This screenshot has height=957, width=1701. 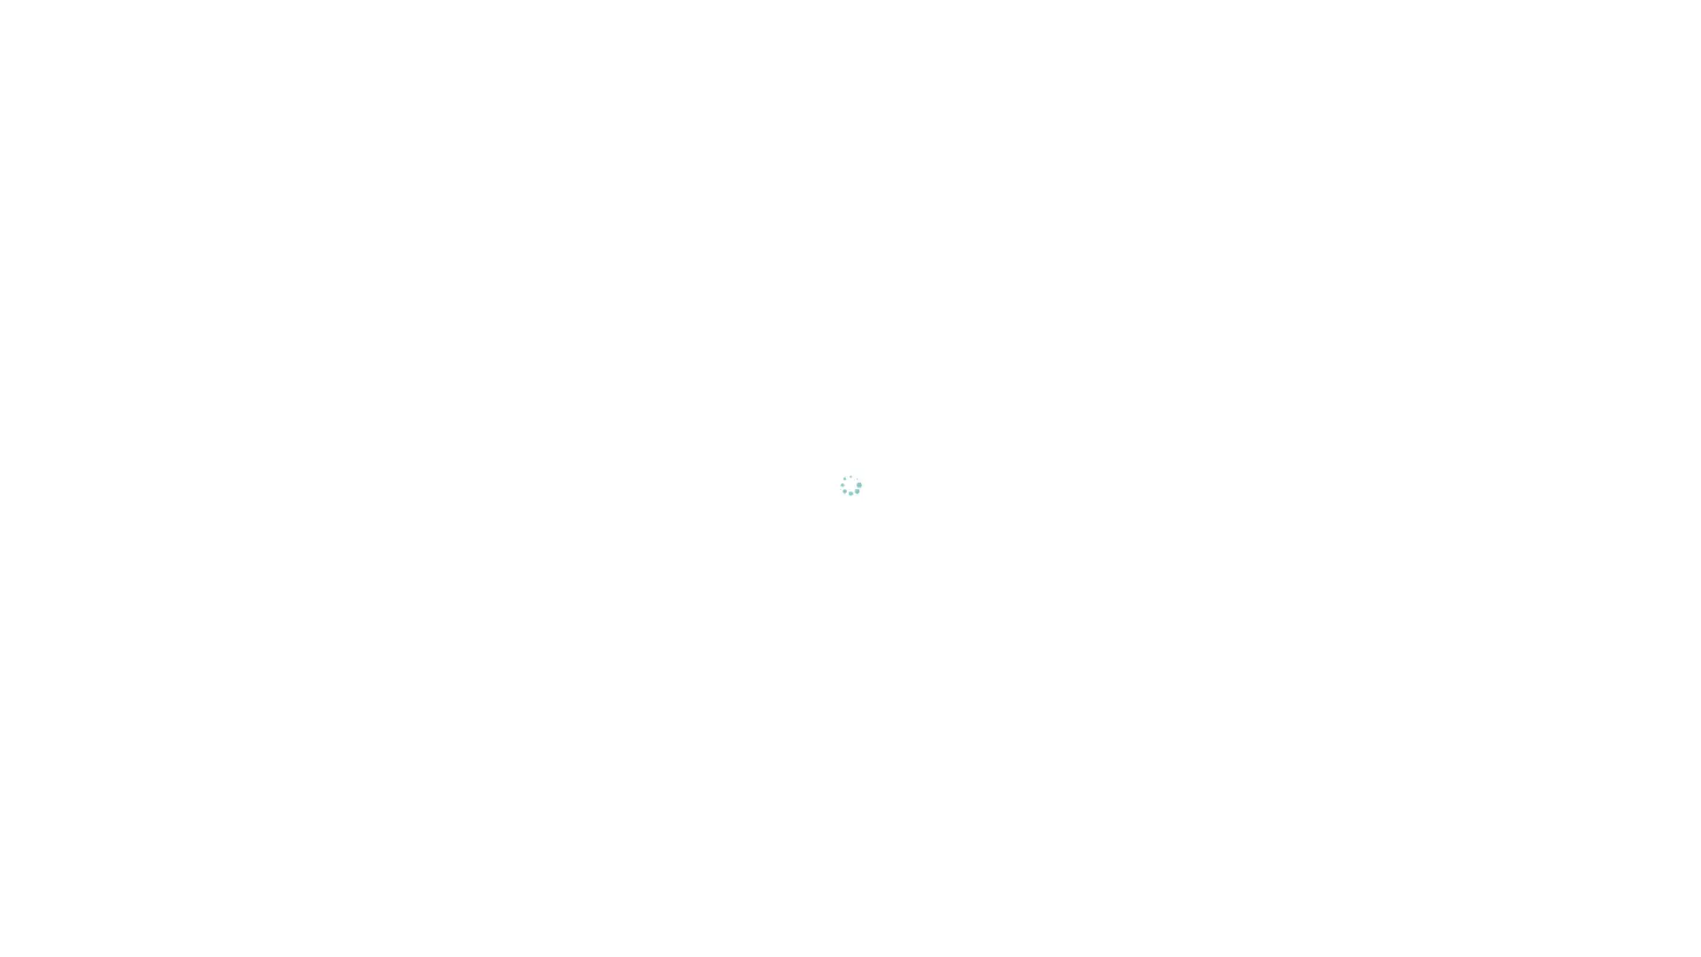 What do you see at coordinates (654, 200) in the screenshot?
I see `Cookies Settings` at bounding box center [654, 200].